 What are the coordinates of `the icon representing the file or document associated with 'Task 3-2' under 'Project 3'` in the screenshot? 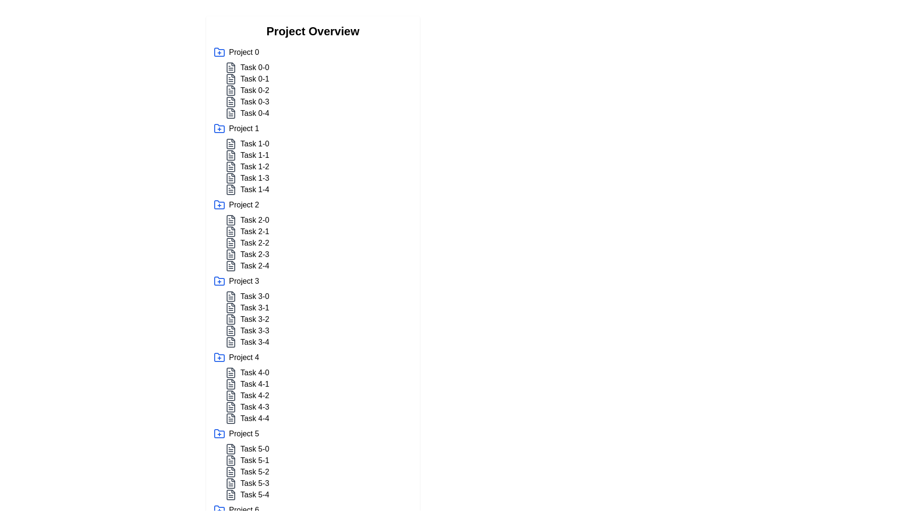 It's located at (231, 319).